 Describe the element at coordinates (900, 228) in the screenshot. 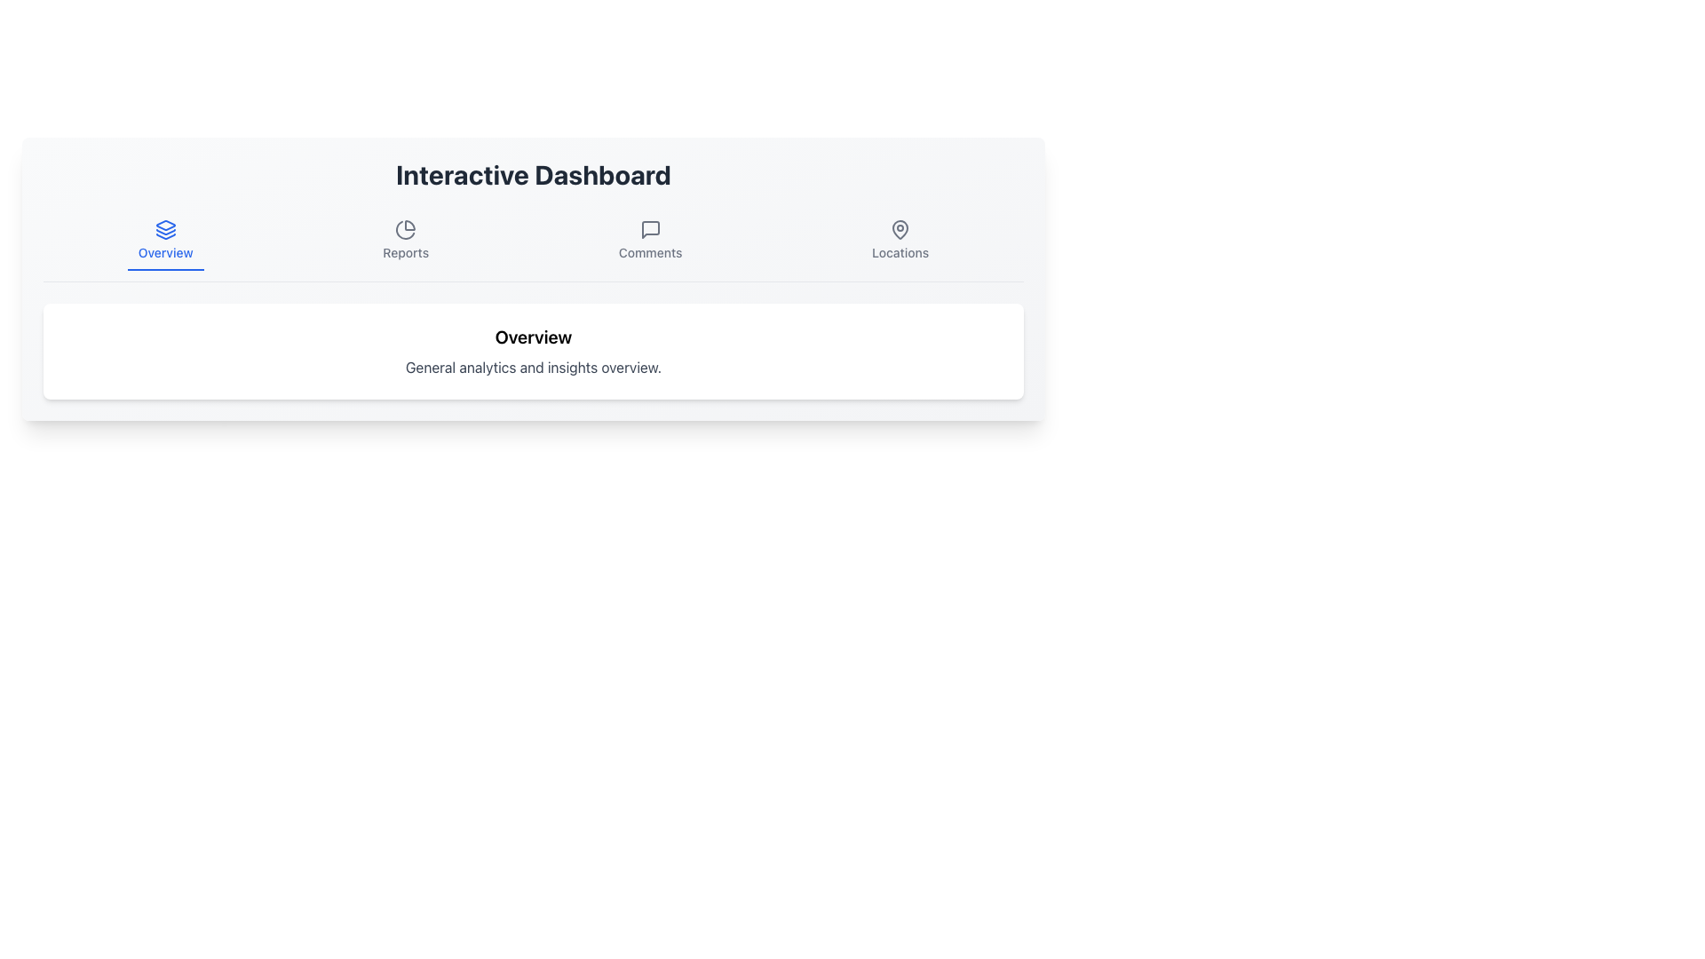

I see `the pin-shaped icon in line art style located at the top-right corner of the 'Locations' button in the navigation menu` at that location.